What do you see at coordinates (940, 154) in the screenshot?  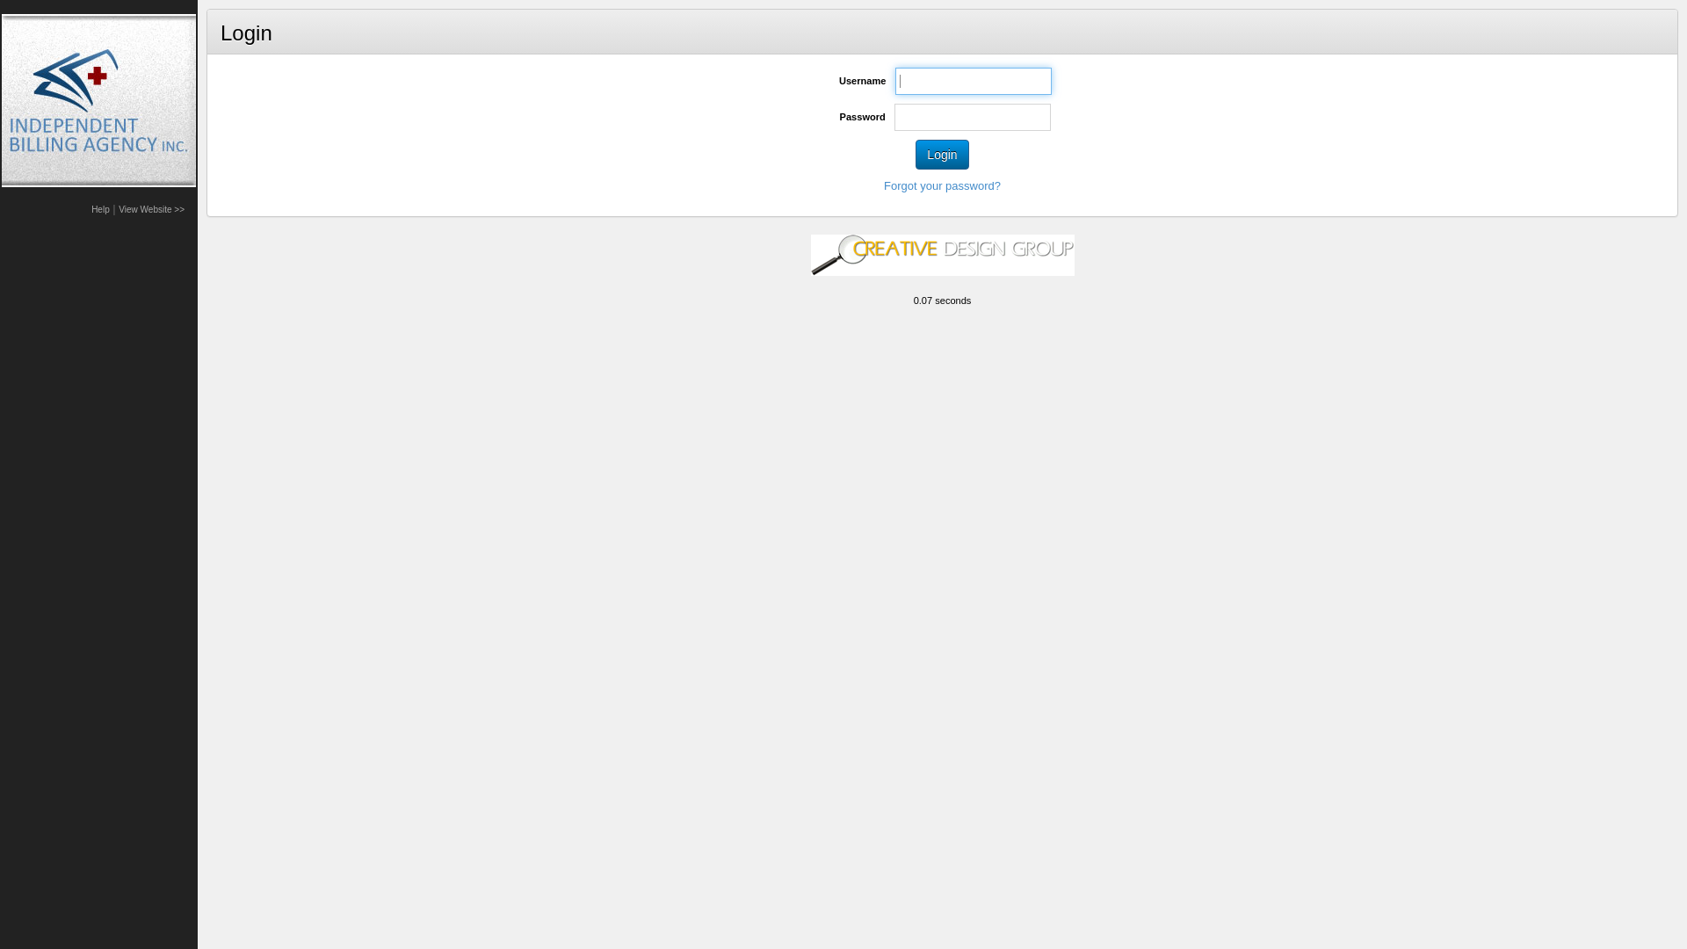 I see `'Login'` at bounding box center [940, 154].